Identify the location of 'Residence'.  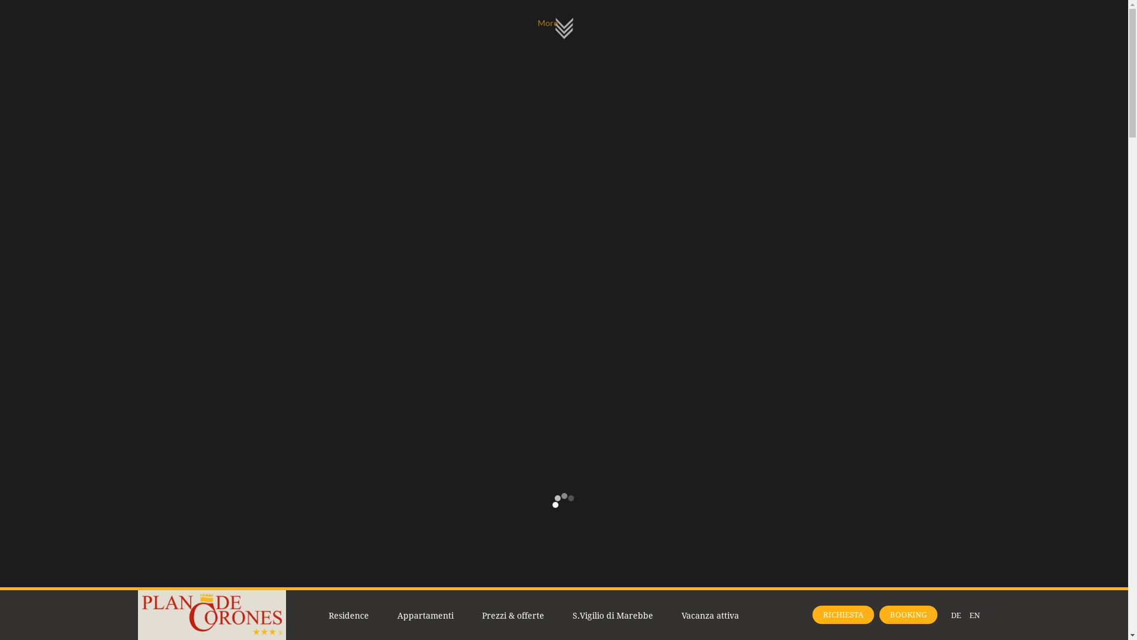
(348, 615).